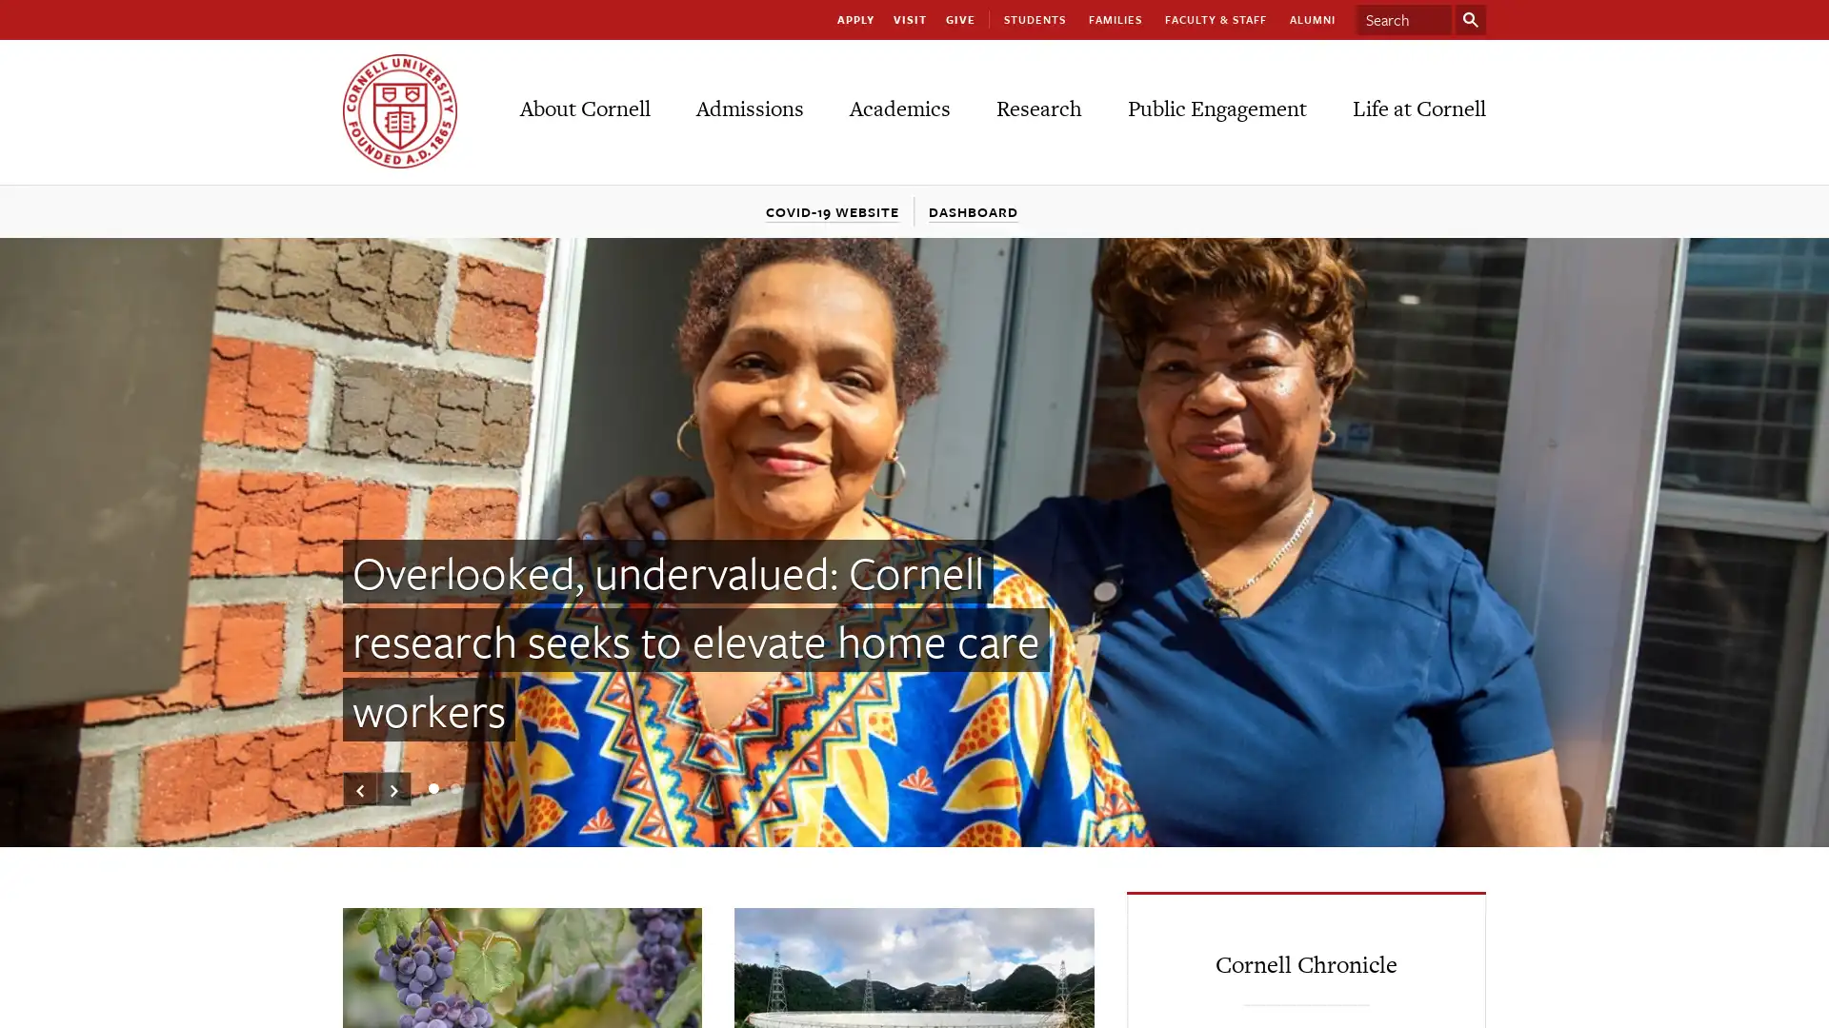 Image resolution: width=1829 pixels, height=1028 pixels. I want to click on Next slide, so click(392, 789).